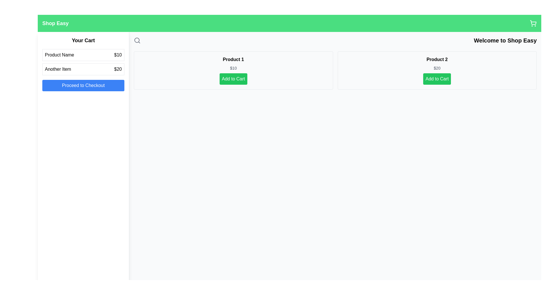 Image resolution: width=549 pixels, height=308 pixels. What do you see at coordinates (533, 23) in the screenshot?
I see `the shopping cart icon button located in the top-right corner of the green header bar` at bounding box center [533, 23].